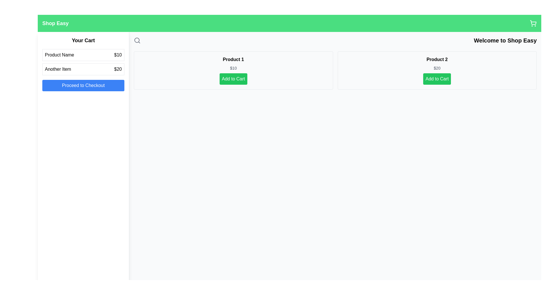 Image resolution: width=549 pixels, height=308 pixels. What do you see at coordinates (533, 23) in the screenshot?
I see `the shopping cart icon button located in the top-right corner of the green header bar` at bounding box center [533, 23].